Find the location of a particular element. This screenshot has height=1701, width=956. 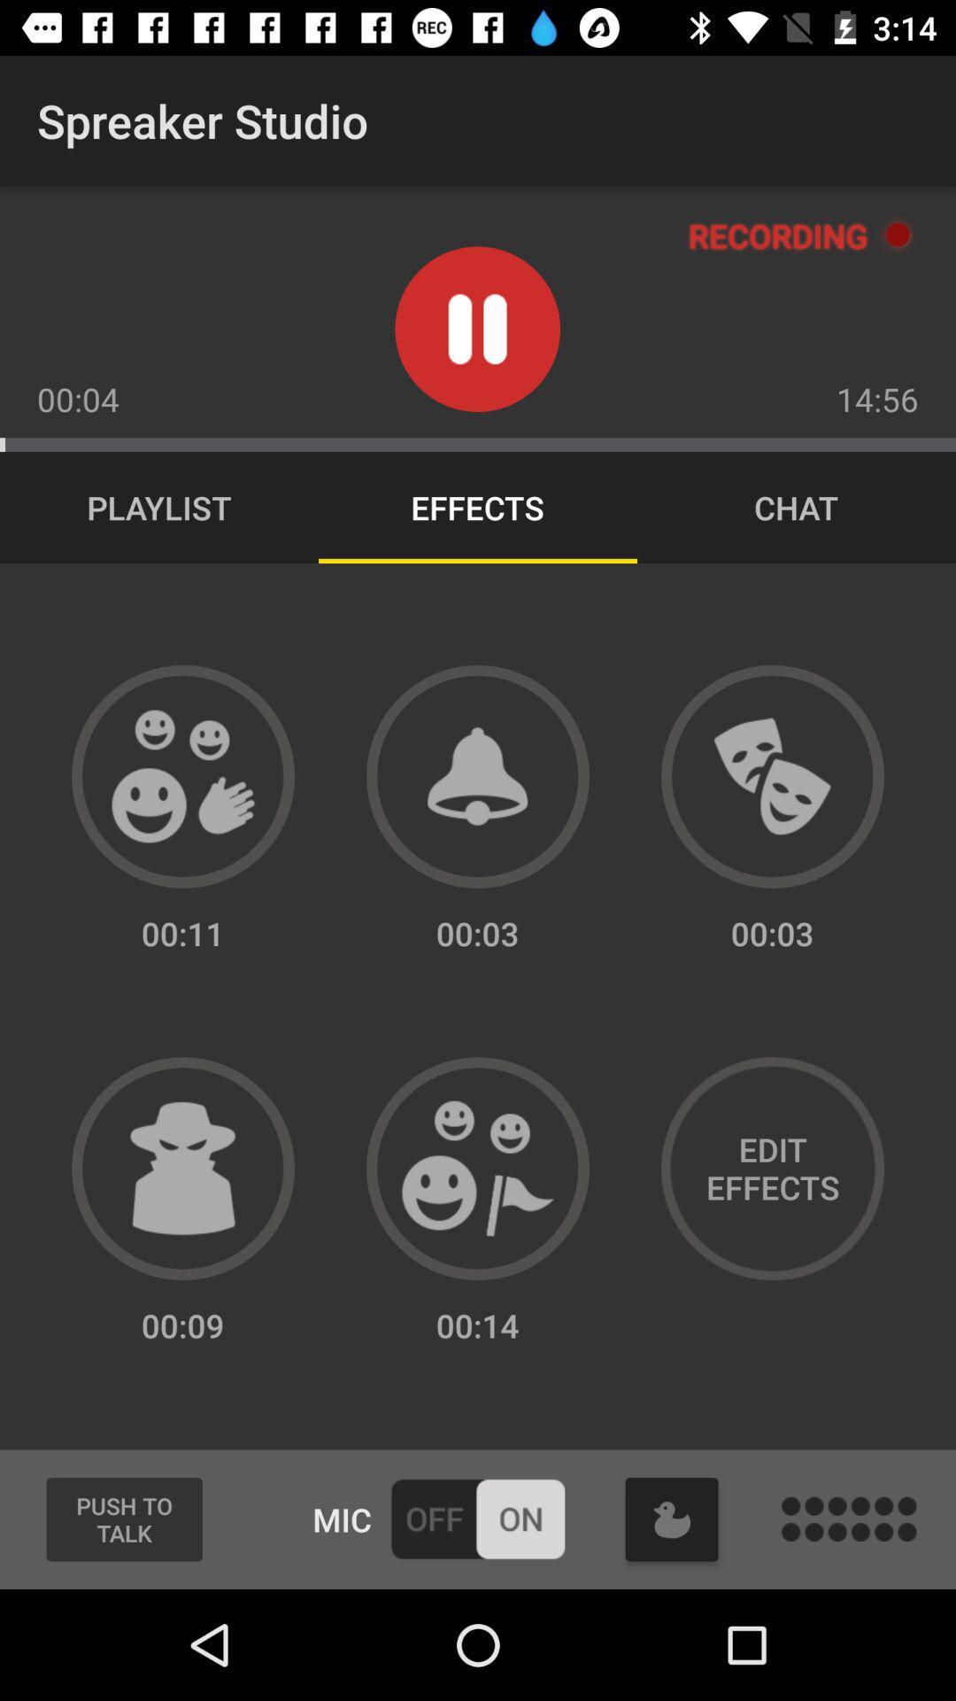

push to is located at coordinates (123, 1518).